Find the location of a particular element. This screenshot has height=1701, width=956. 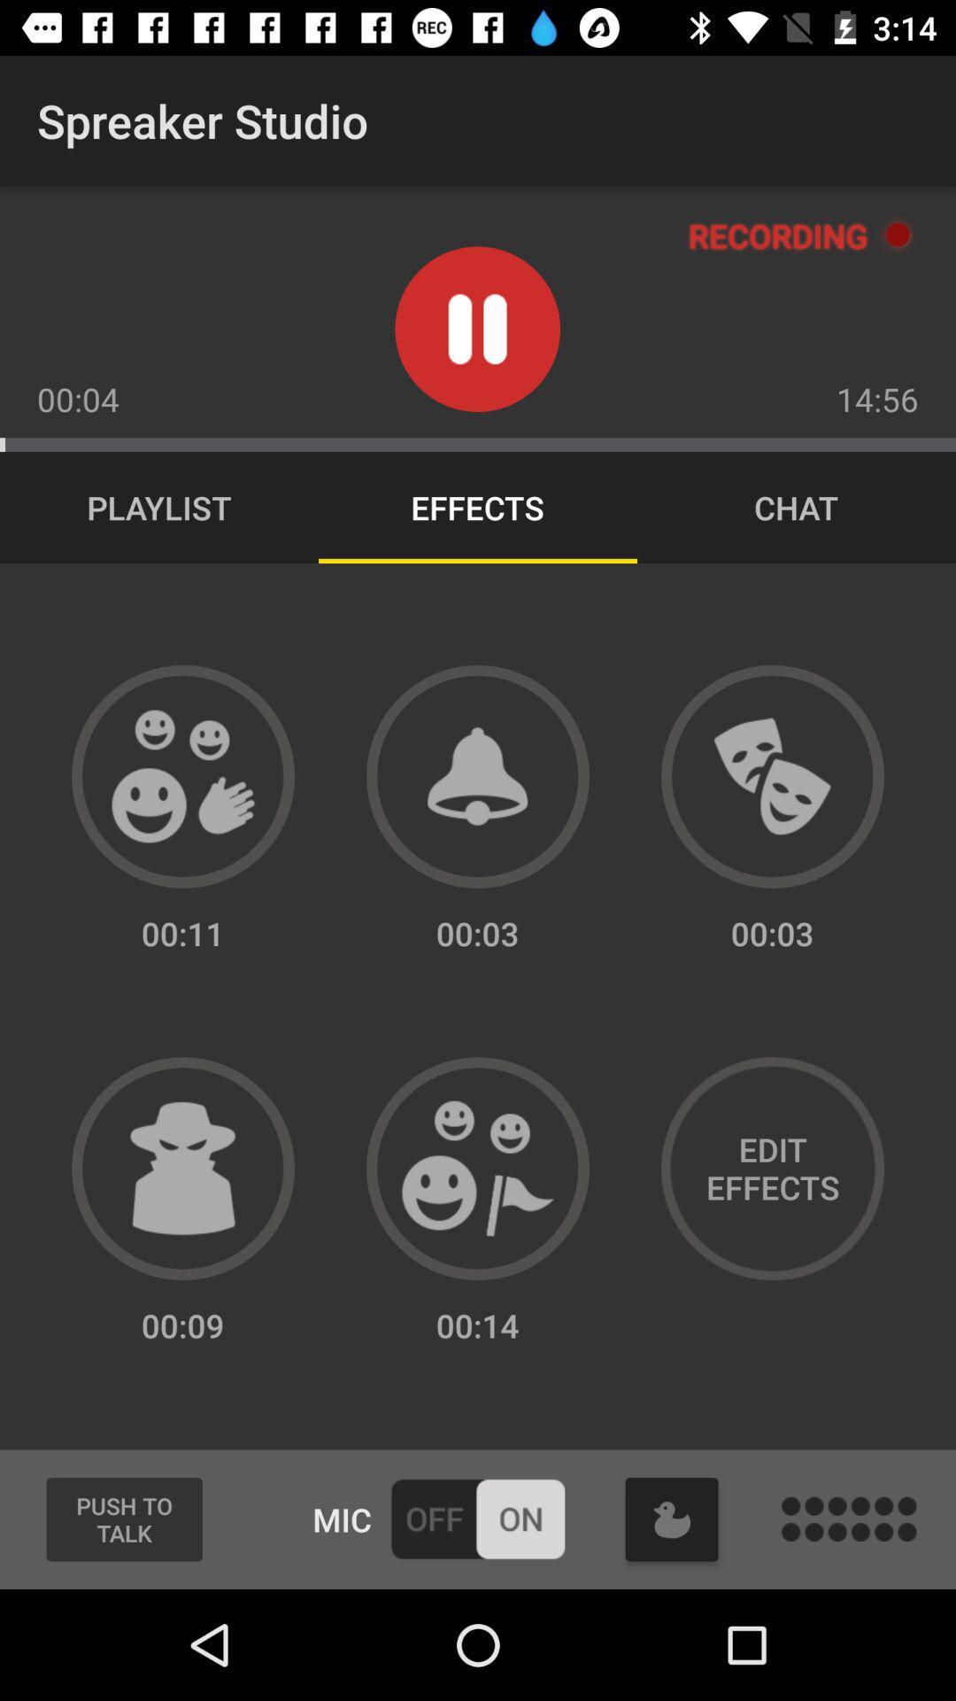

push to is located at coordinates (123, 1518).